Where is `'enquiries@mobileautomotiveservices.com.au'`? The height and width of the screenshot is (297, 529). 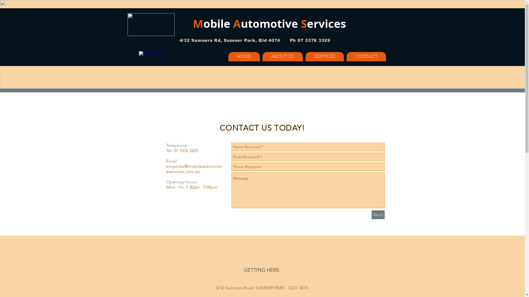
'enquiries@mobileautomotiveservices.com.au' is located at coordinates (193, 168).